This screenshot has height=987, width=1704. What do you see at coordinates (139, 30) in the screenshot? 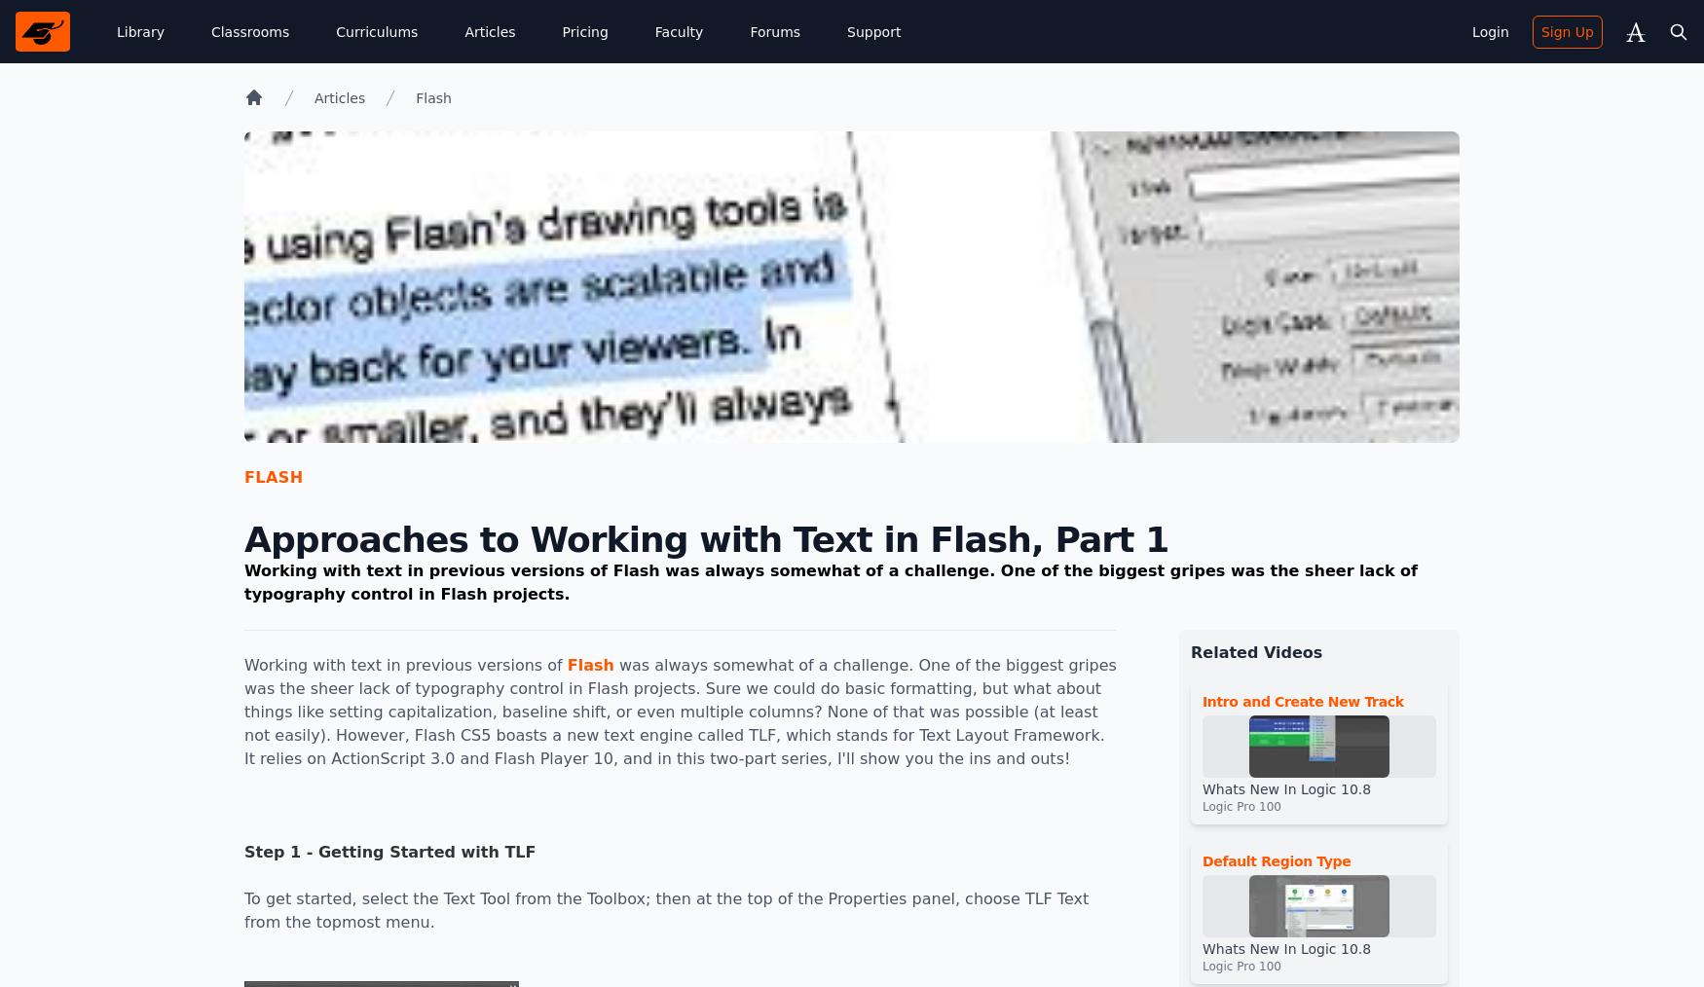
I see `'Library'` at bounding box center [139, 30].